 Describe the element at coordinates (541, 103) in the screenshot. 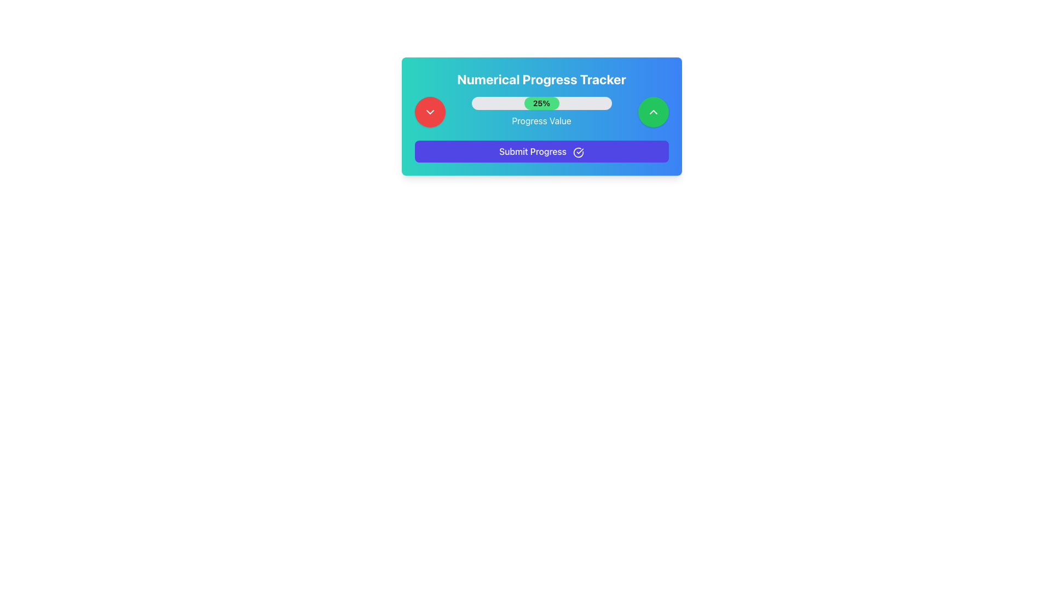

I see `the green progress bar that indicates 25% completion, located below the header 'Numerical Progress Tracker'` at that location.